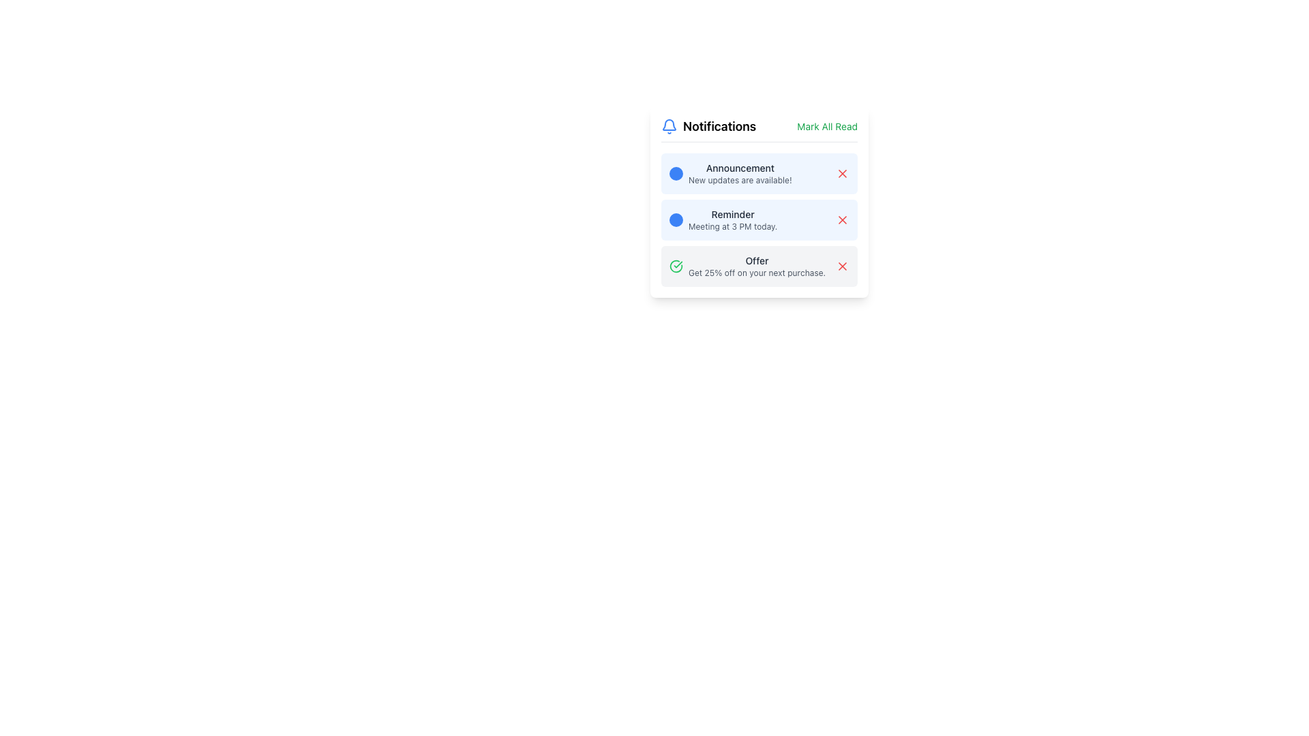 The image size is (1309, 736). What do you see at coordinates (676, 266) in the screenshot?
I see `the green circular icon with a white checkmark located to the left of the 'Offer' notification in the notification list` at bounding box center [676, 266].